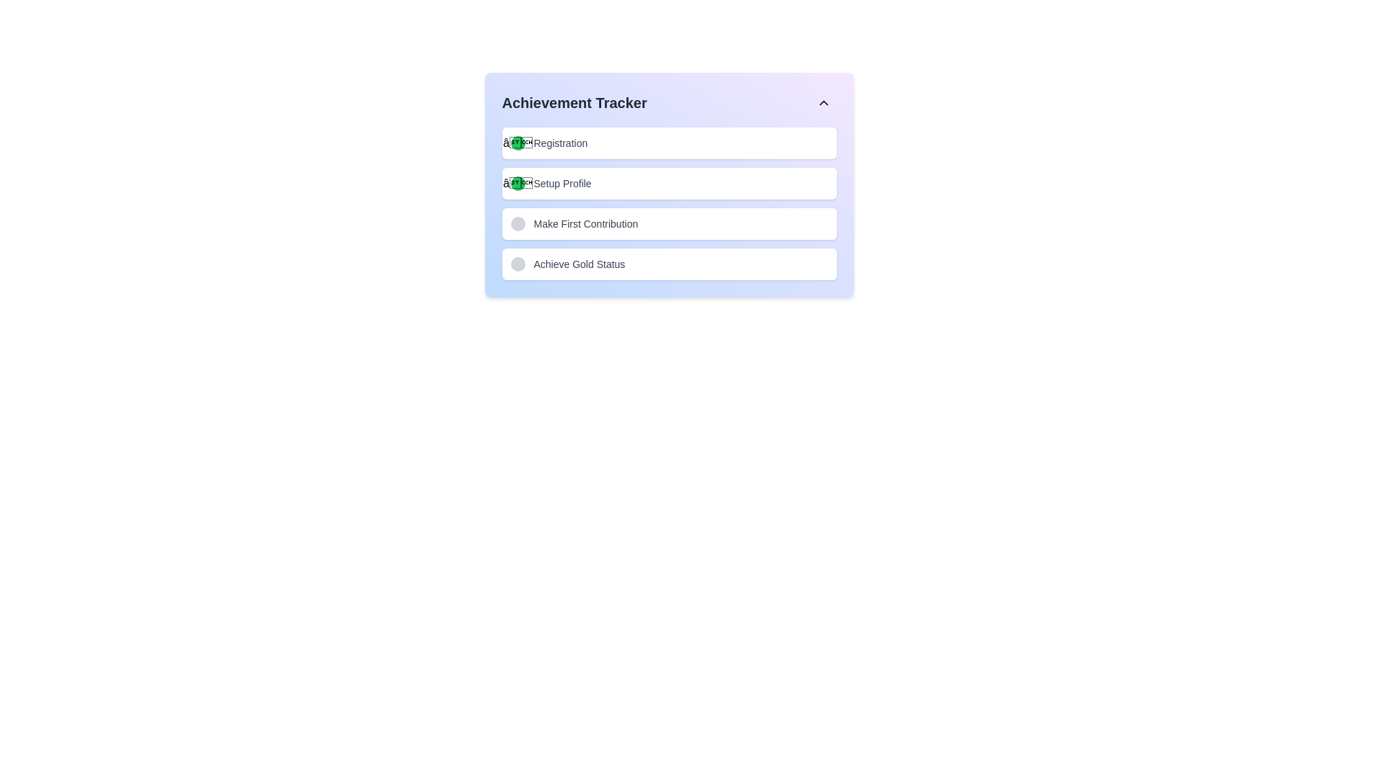  Describe the element at coordinates (579, 264) in the screenshot. I see `the text label reading 'Achieve Gold Status' located in the fourth item of the vertical list titled 'Achievement Tracker'` at that location.